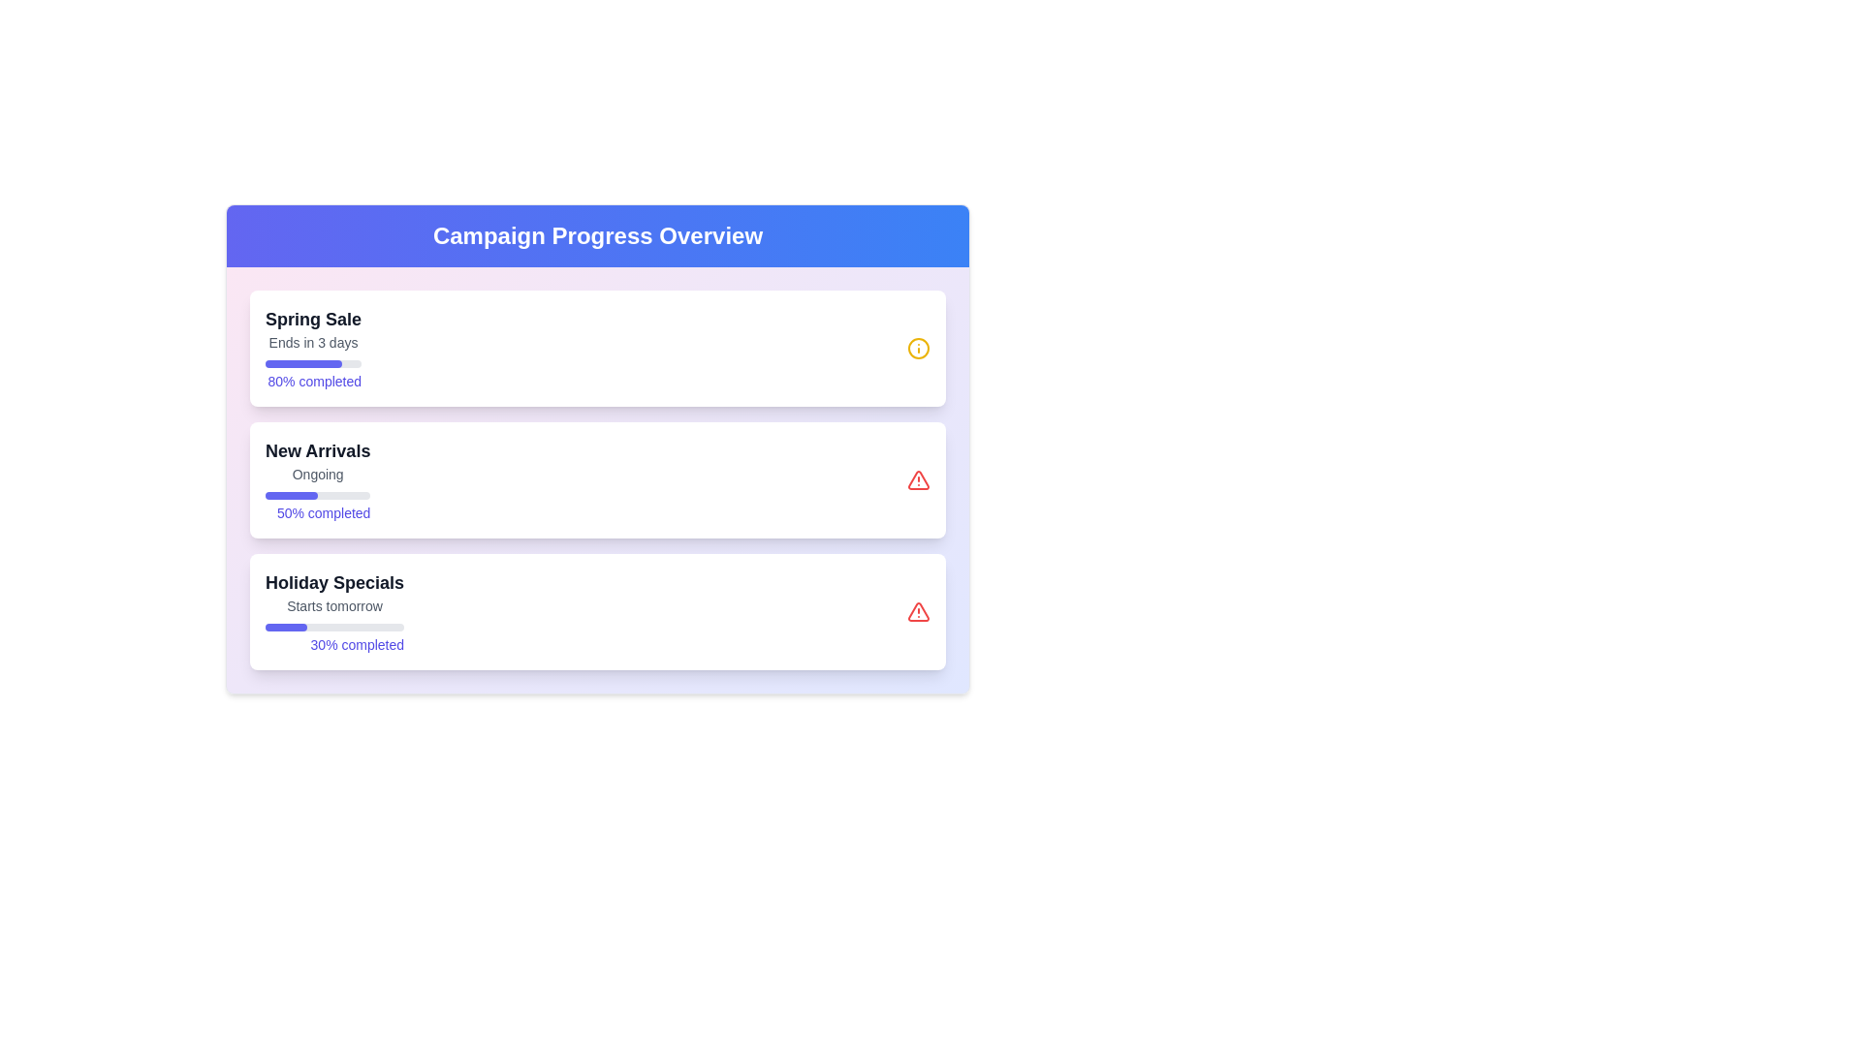  What do you see at coordinates (302, 363) in the screenshot?
I see `the filled part of the Progress Bar indicating 80% completion of the 'Spring Sale' campaign in the Campaign Progress Overview interface` at bounding box center [302, 363].